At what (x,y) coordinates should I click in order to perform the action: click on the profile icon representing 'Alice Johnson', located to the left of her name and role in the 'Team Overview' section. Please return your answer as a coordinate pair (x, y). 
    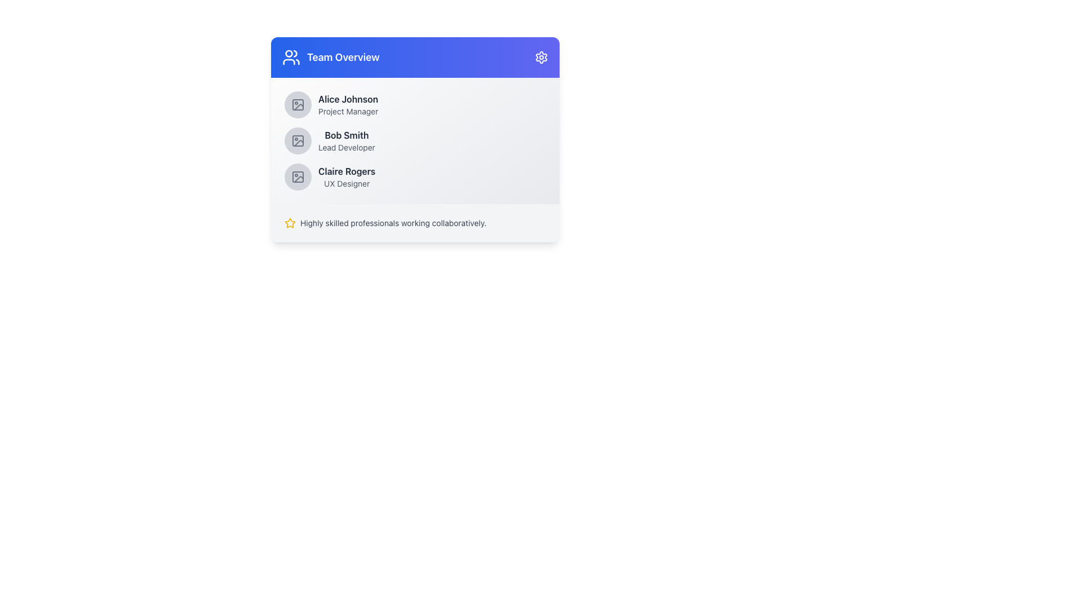
    Looking at the image, I should click on (298, 104).